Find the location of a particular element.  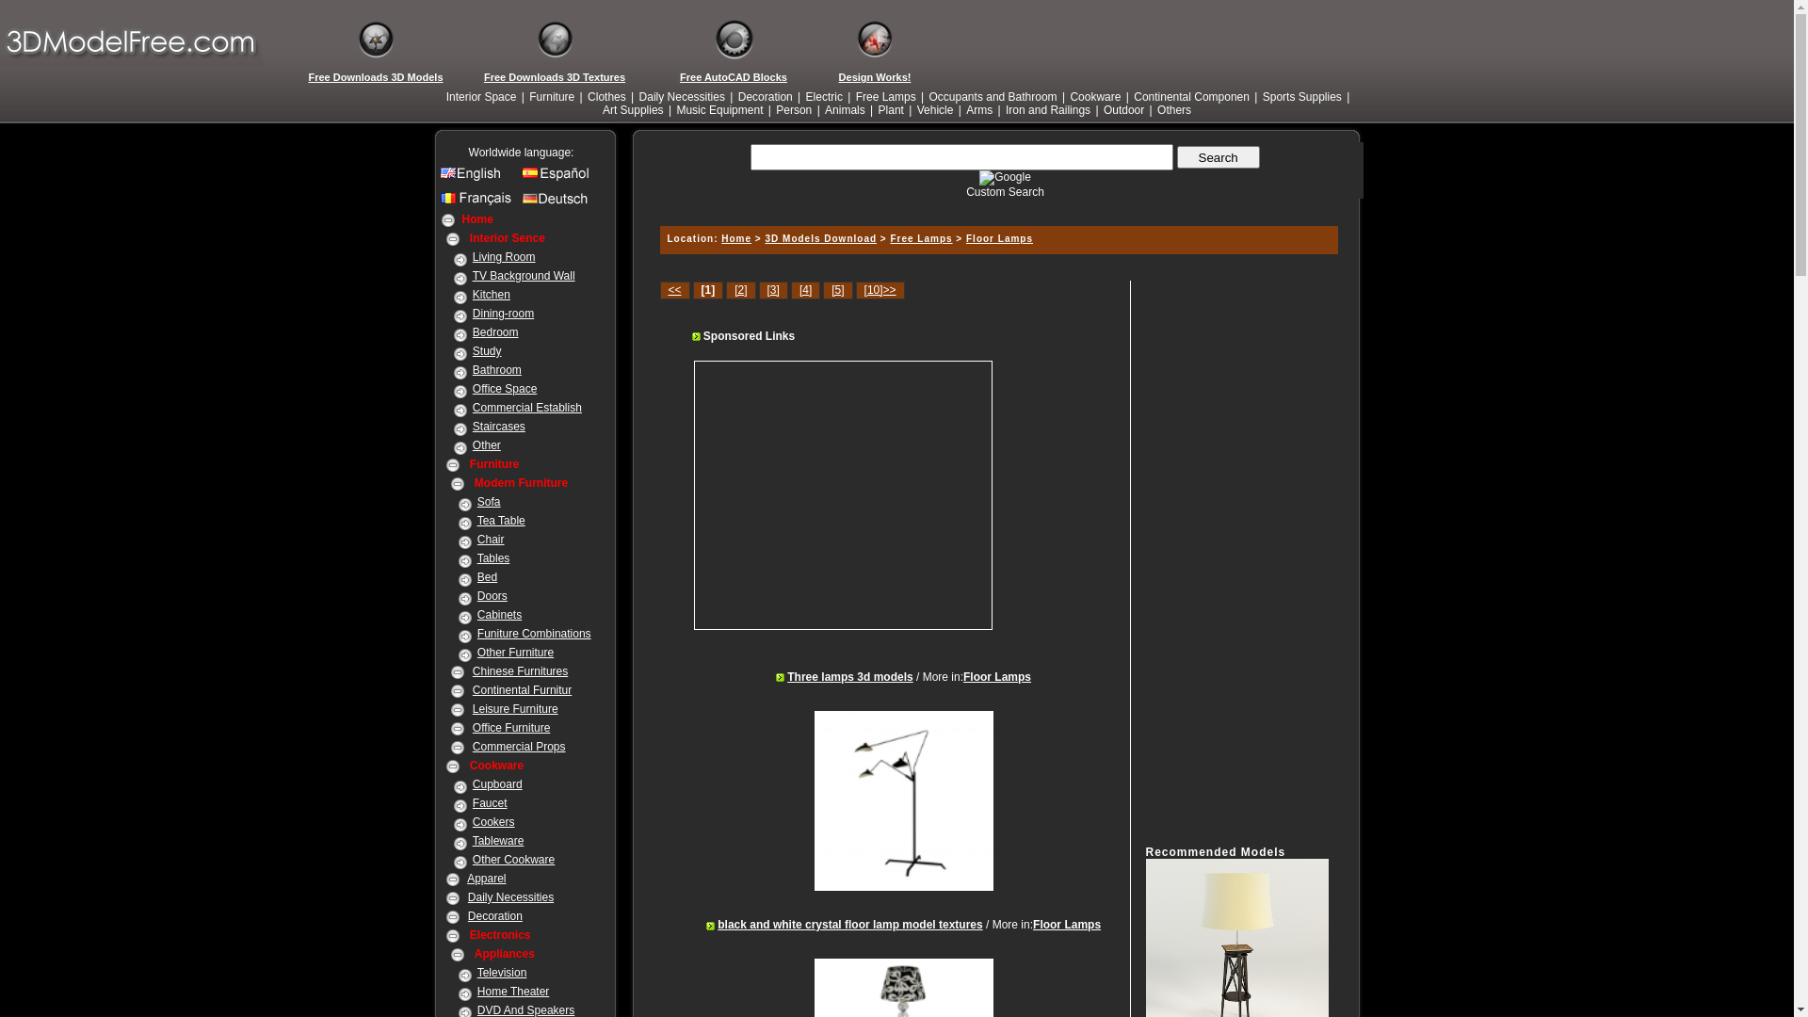

'Continental Componen' is located at coordinates (1190, 97).